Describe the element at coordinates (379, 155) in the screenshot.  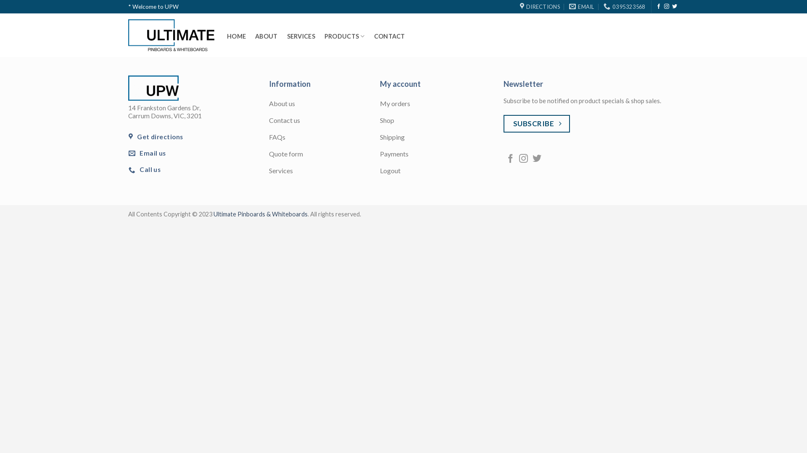
I see `'Payments'` at that location.